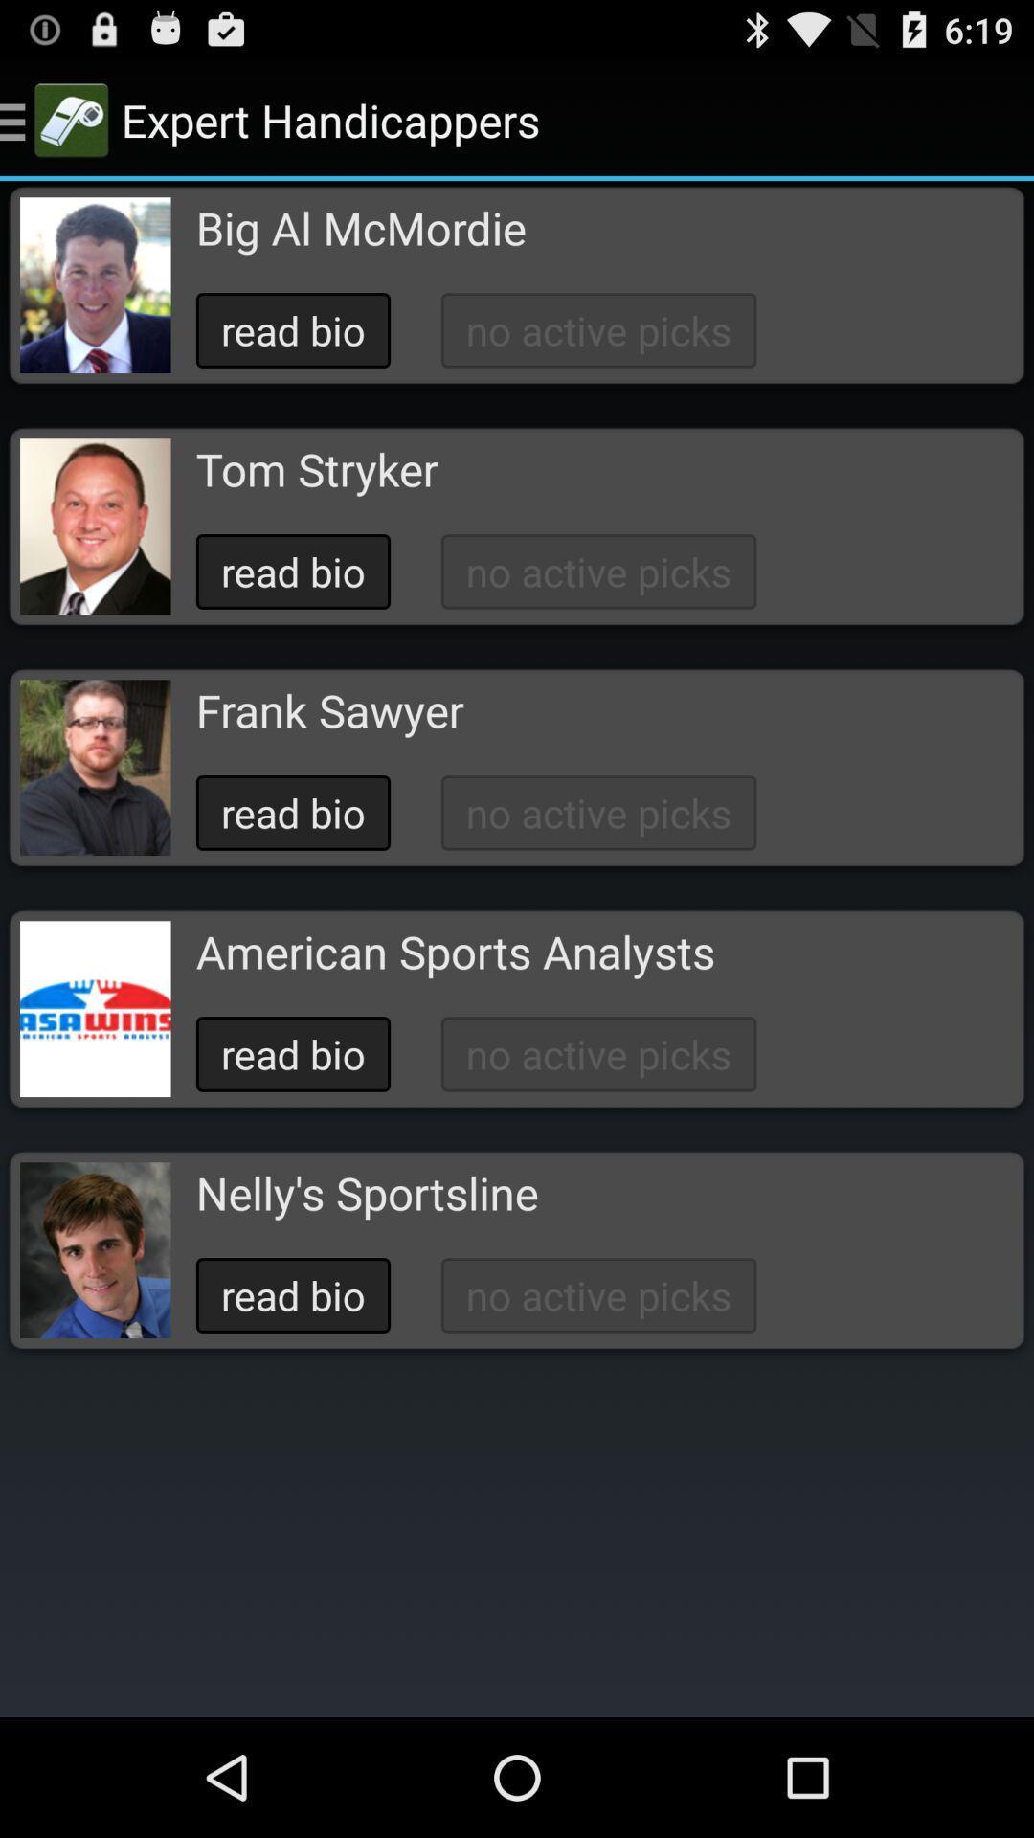  Describe the element at coordinates (361, 228) in the screenshot. I see `big al mcmordie item` at that location.